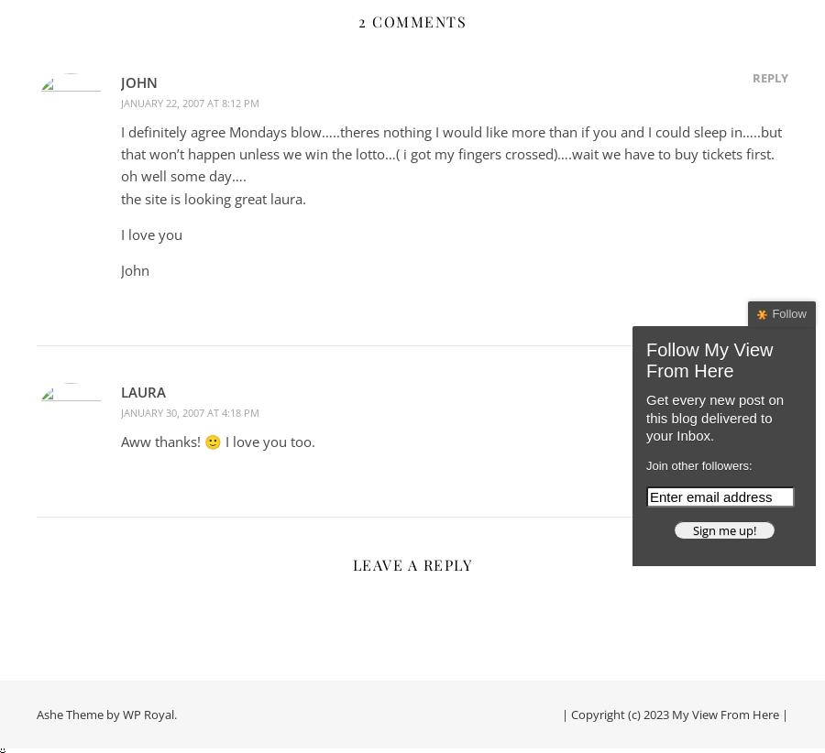  Describe the element at coordinates (709, 360) in the screenshot. I see `'Follow My View From Here'` at that location.